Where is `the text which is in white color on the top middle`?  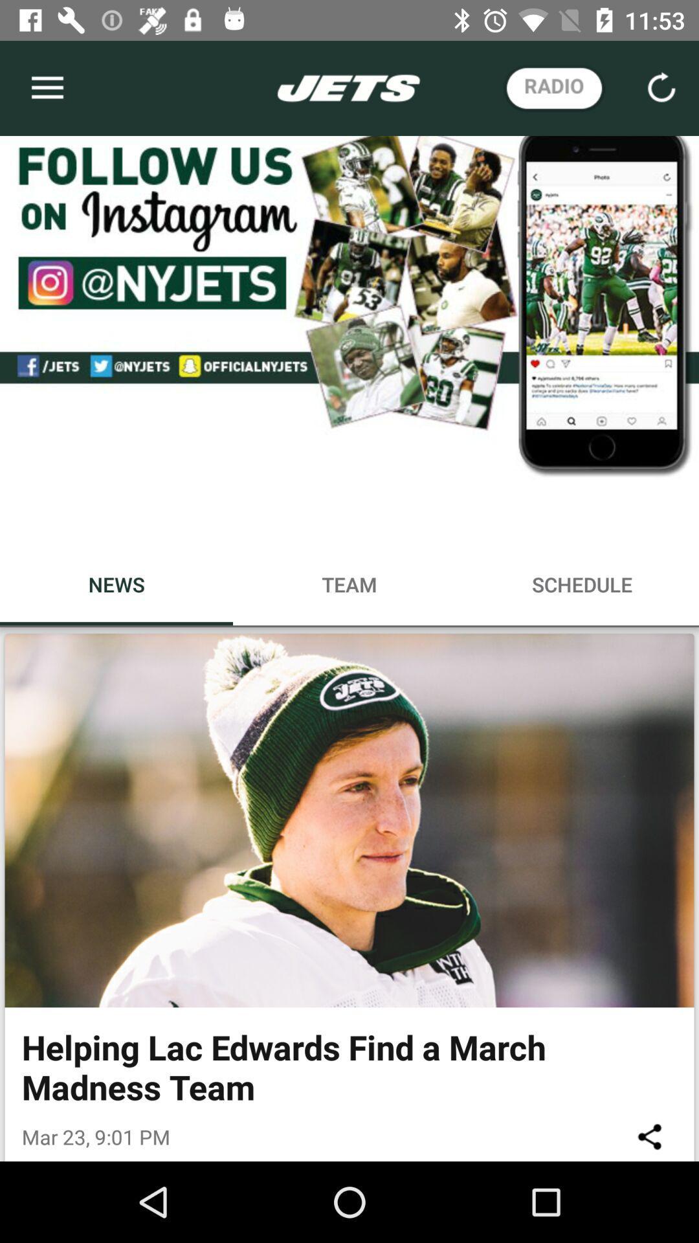
the text which is in white color on the top middle is located at coordinates (348, 87).